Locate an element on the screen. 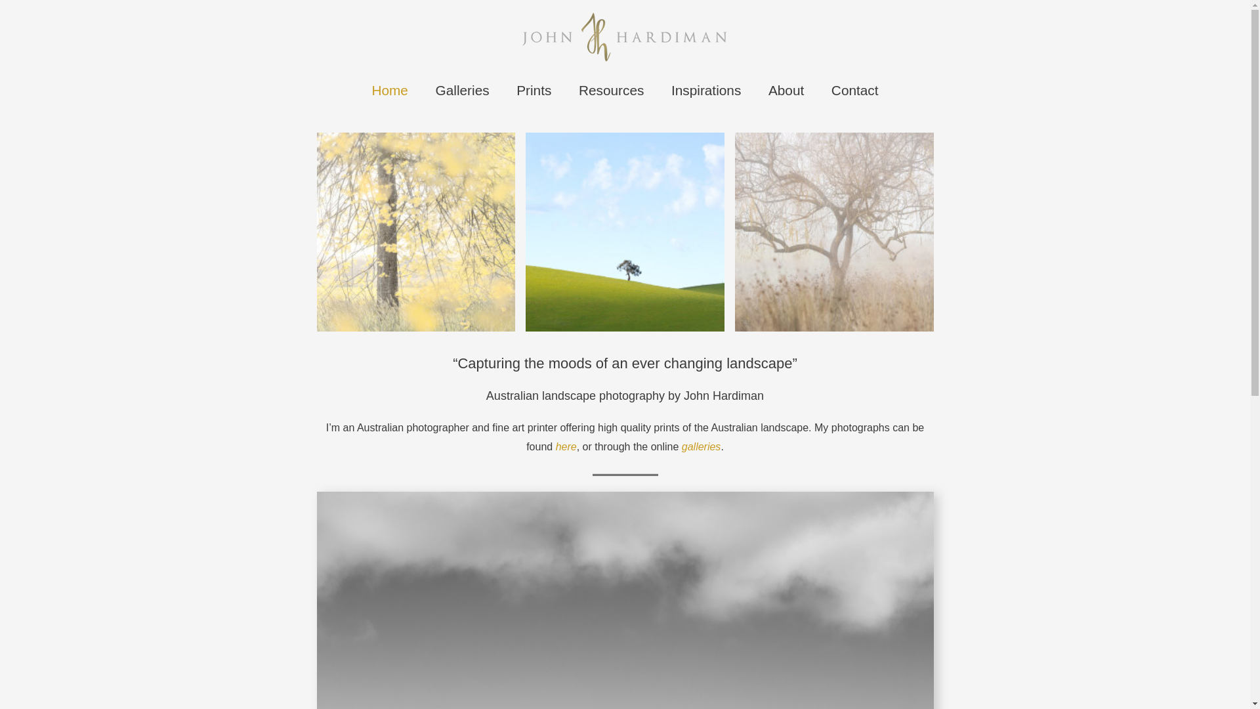 The image size is (1260, 709). 'Inspirations' is located at coordinates (705, 89).